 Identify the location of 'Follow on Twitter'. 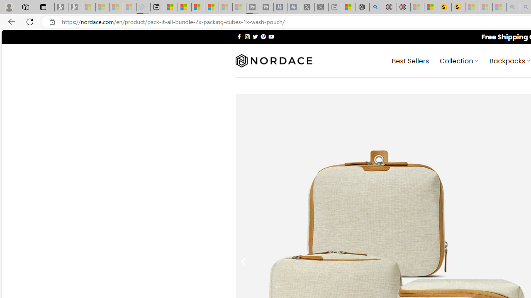
(255, 36).